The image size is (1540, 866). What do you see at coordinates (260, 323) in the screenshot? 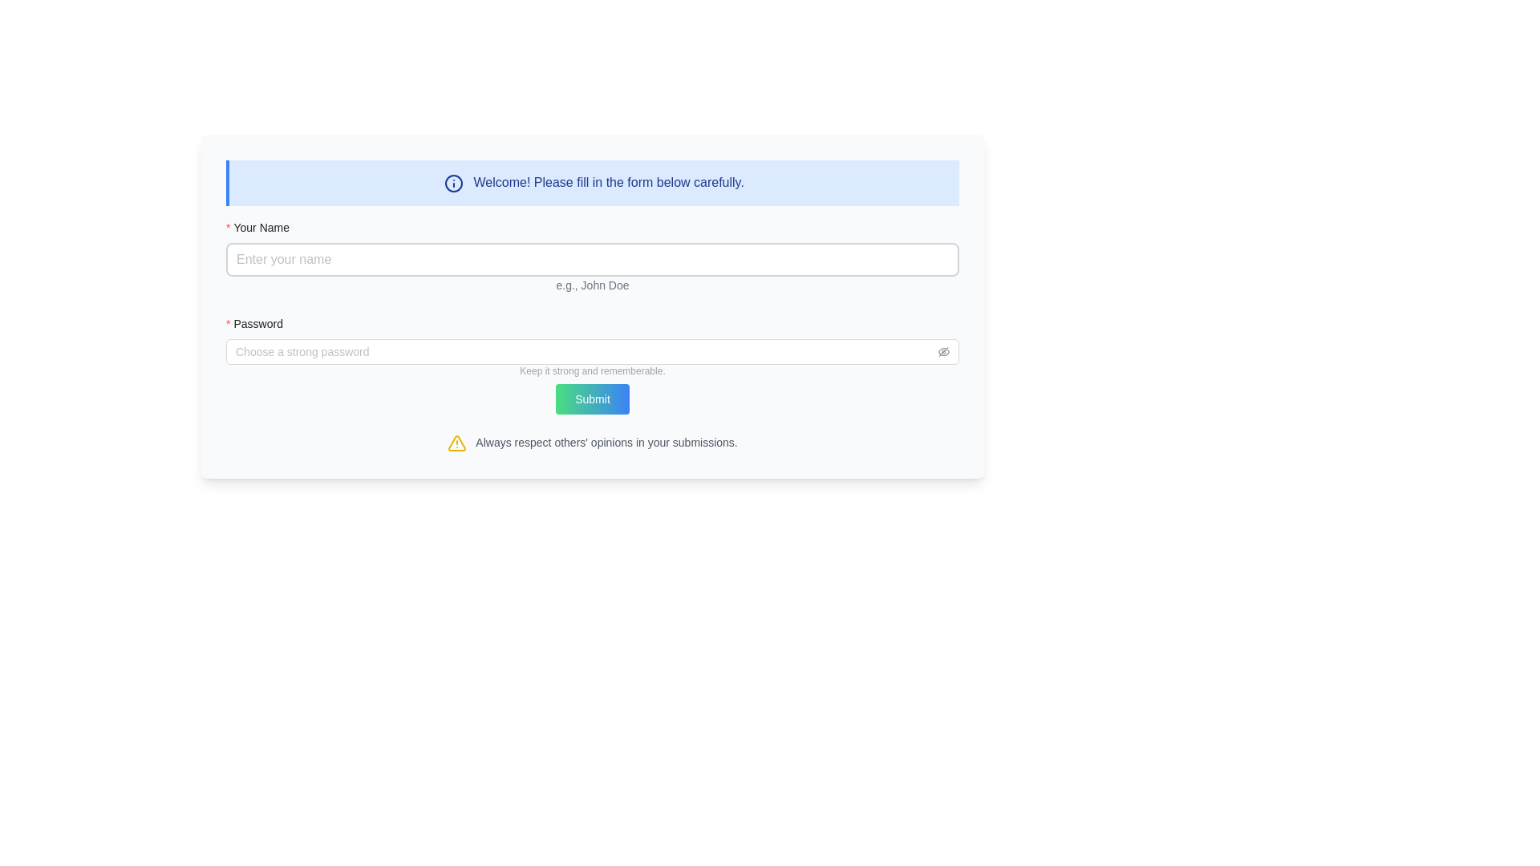
I see `the password label, which indicates that the user needs to enter a password in the associated field, located centrally above the password input field` at bounding box center [260, 323].